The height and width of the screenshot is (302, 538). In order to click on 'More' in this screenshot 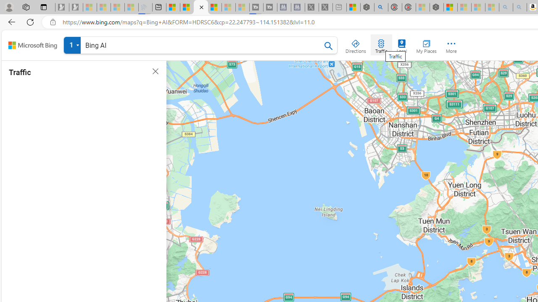, I will do `click(451, 44)`.